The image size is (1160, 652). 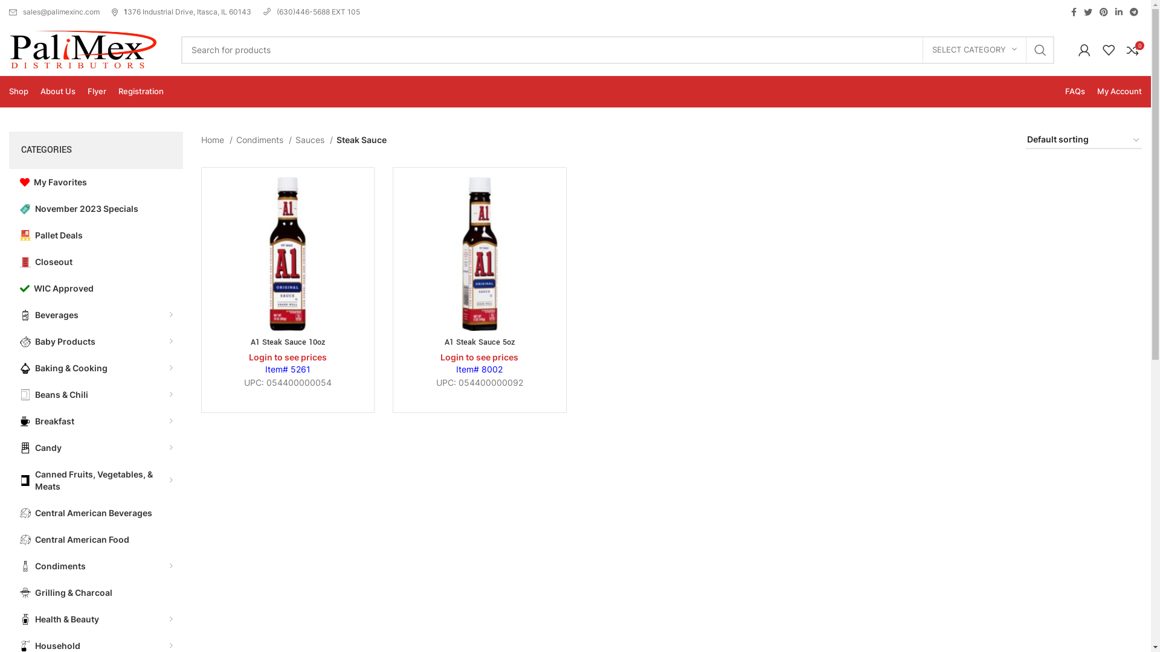 I want to click on 'My Account', so click(x=1118, y=91).